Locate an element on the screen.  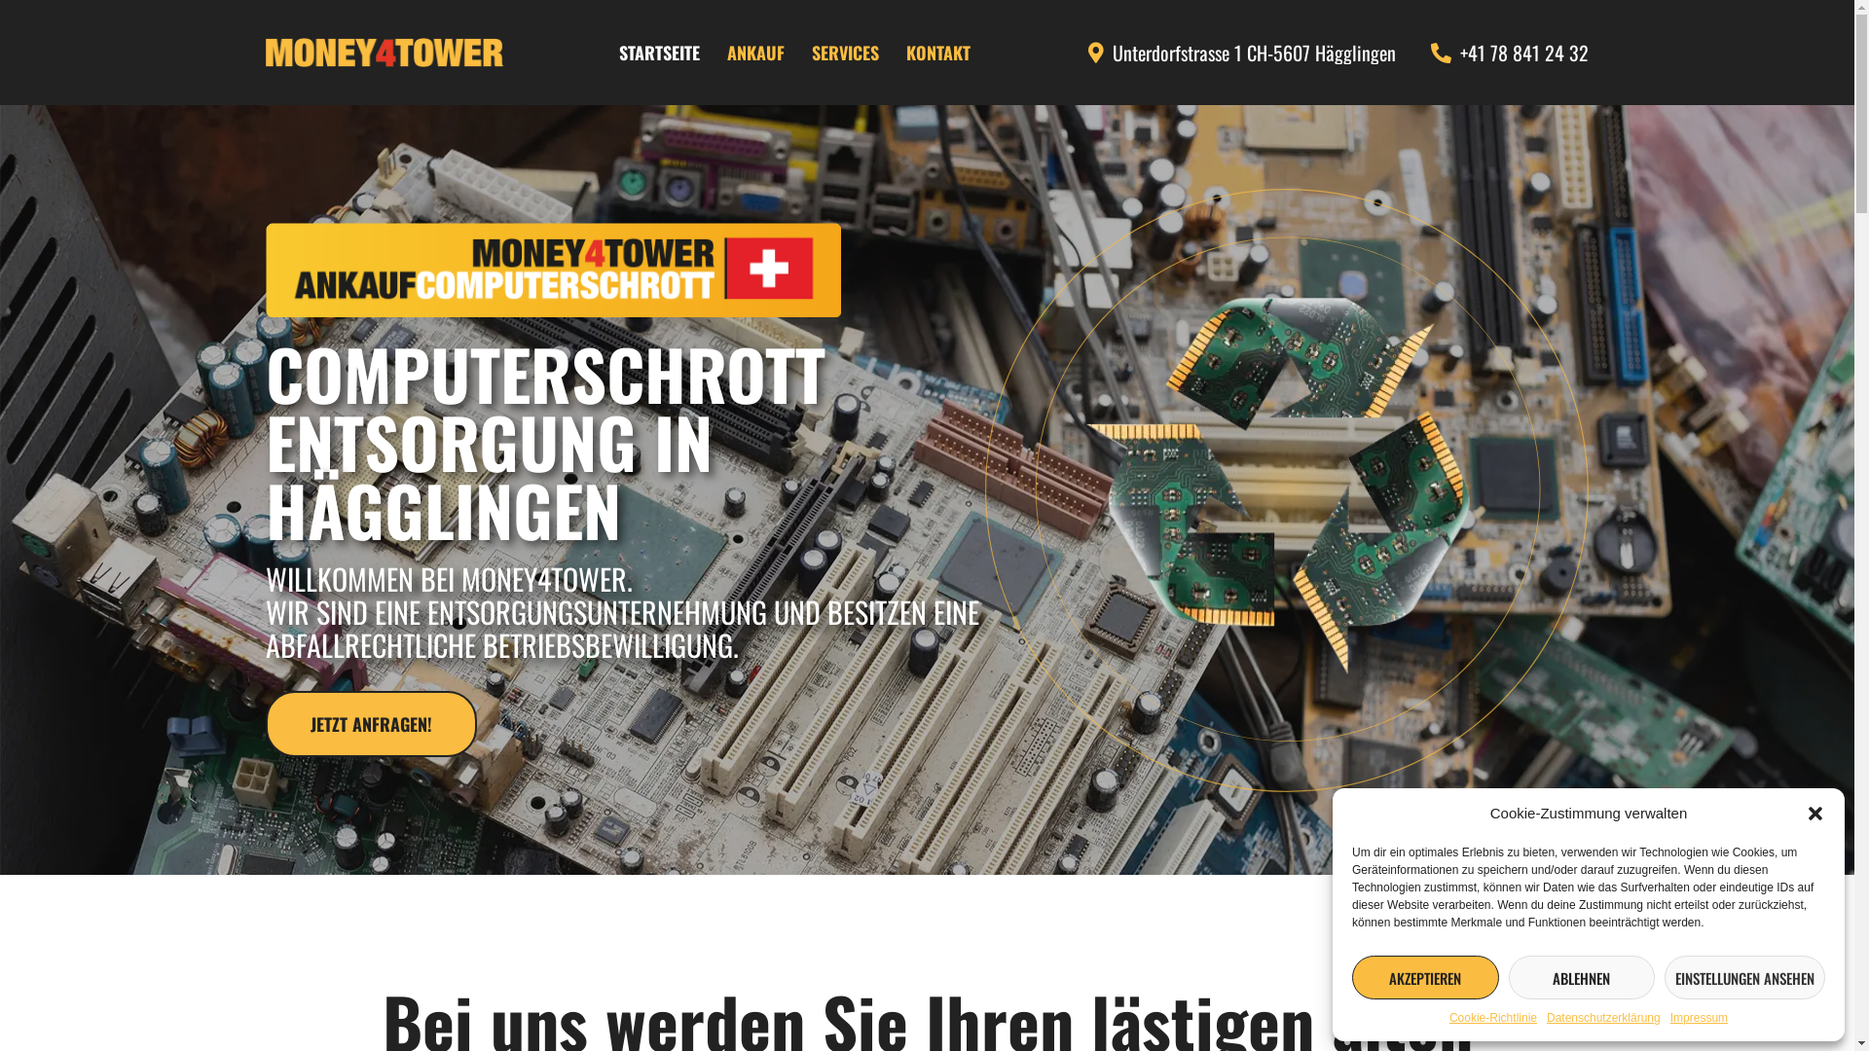
'+41 78 841 24 32' is located at coordinates (1505, 52).